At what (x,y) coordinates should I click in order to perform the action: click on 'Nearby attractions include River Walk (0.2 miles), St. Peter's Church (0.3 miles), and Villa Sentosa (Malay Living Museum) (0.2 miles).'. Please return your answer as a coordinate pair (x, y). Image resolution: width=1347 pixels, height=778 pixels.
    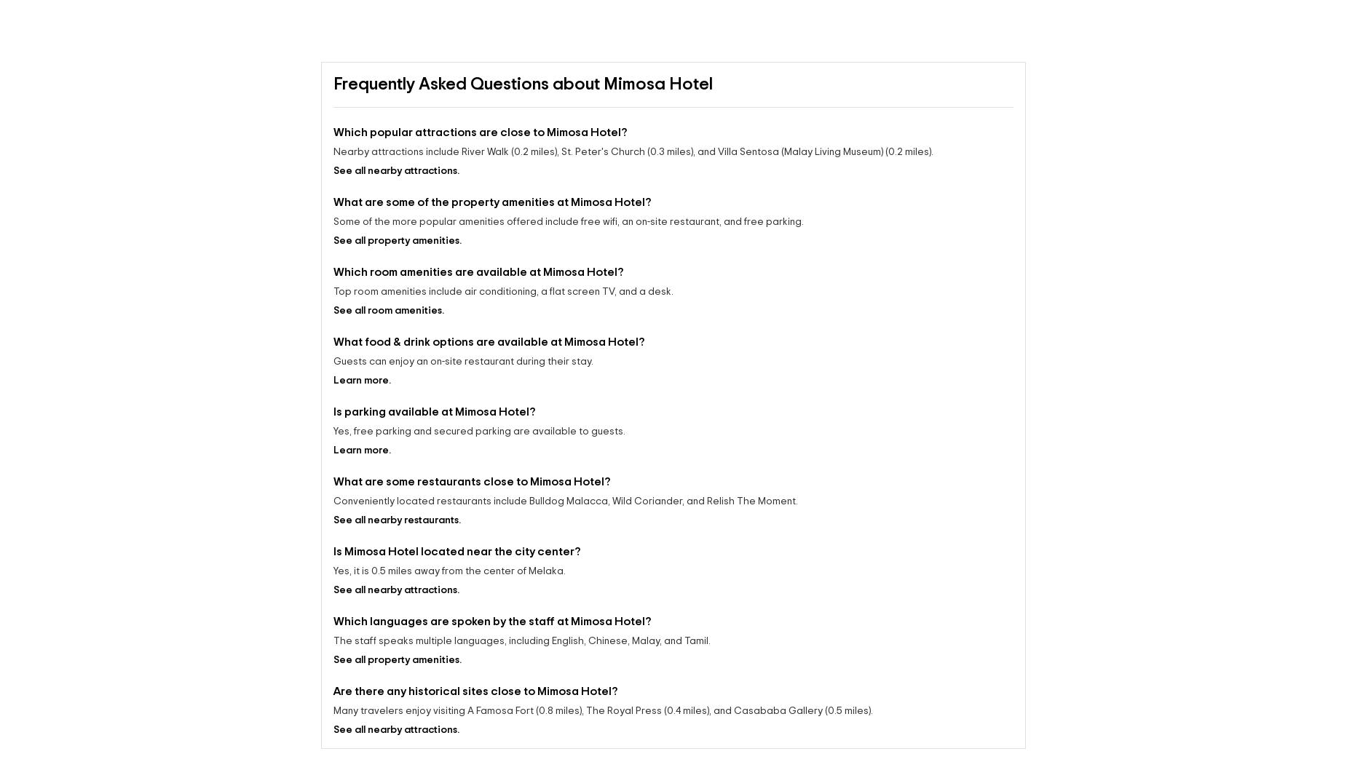
    Looking at the image, I should click on (633, 151).